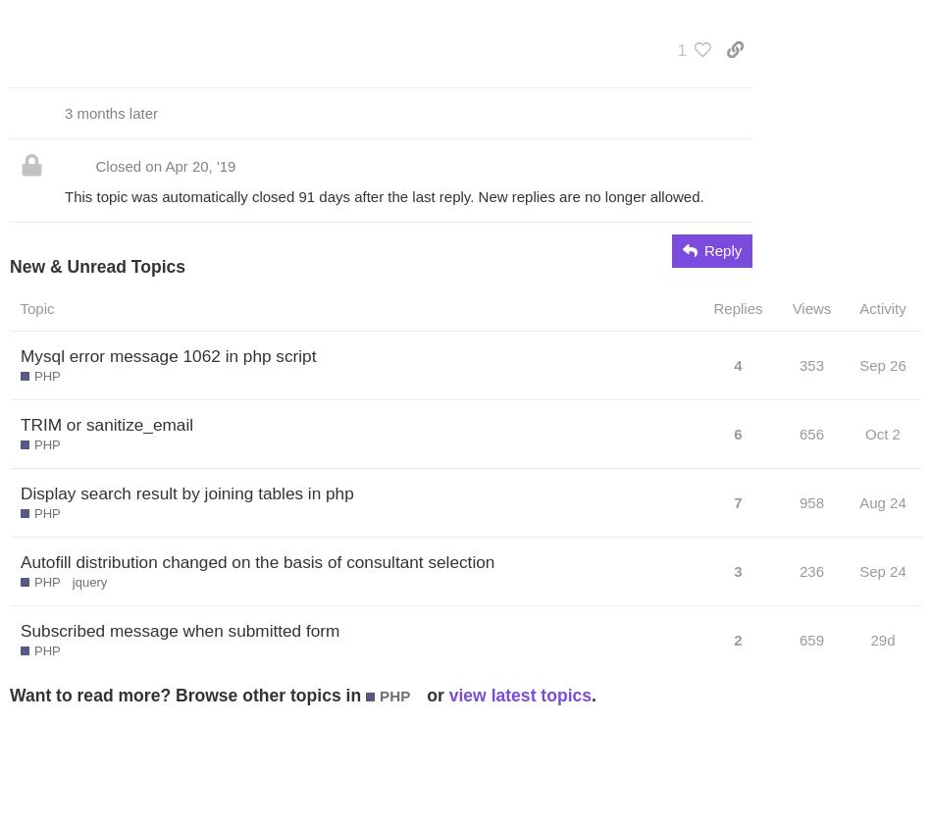 The image size is (932, 828). Describe the element at coordinates (682, 48) in the screenshot. I see `'1'` at that location.